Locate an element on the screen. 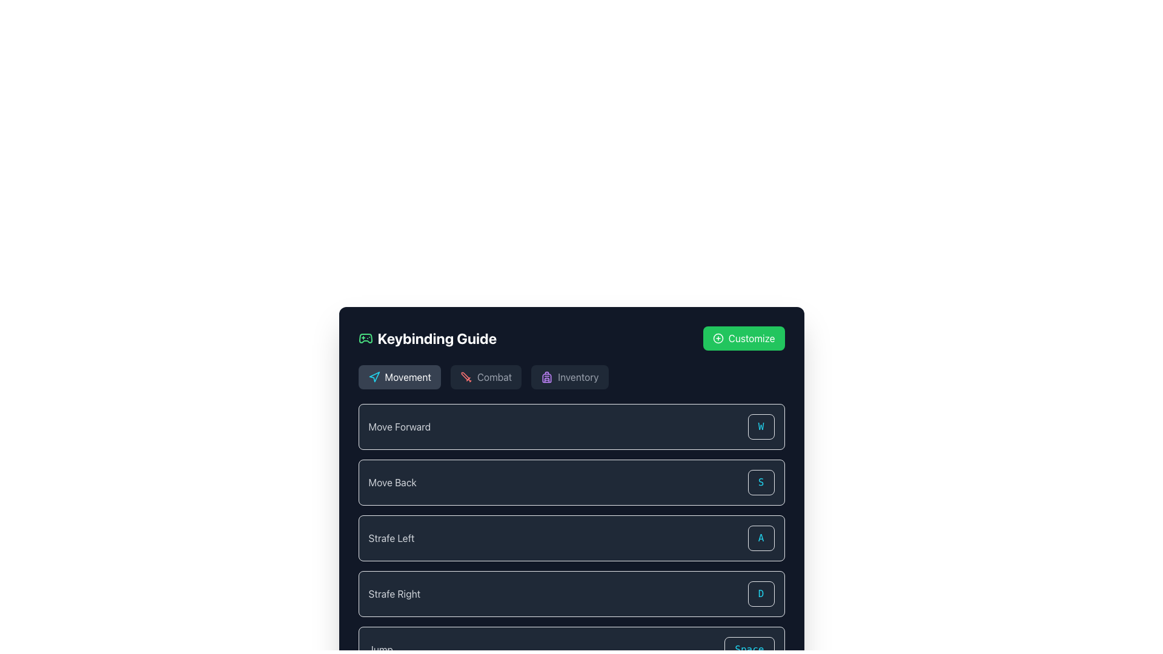 The image size is (1163, 654). the graphical icon segment resembling a sword, styled in red, located in the bottom right of the 'Keybinding Guide' area near 'Combat' is located at coordinates (465, 375).